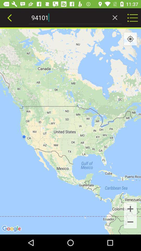 This screenshot has height=251, width=141. I want to click on the minus icon, so click(130, 222).